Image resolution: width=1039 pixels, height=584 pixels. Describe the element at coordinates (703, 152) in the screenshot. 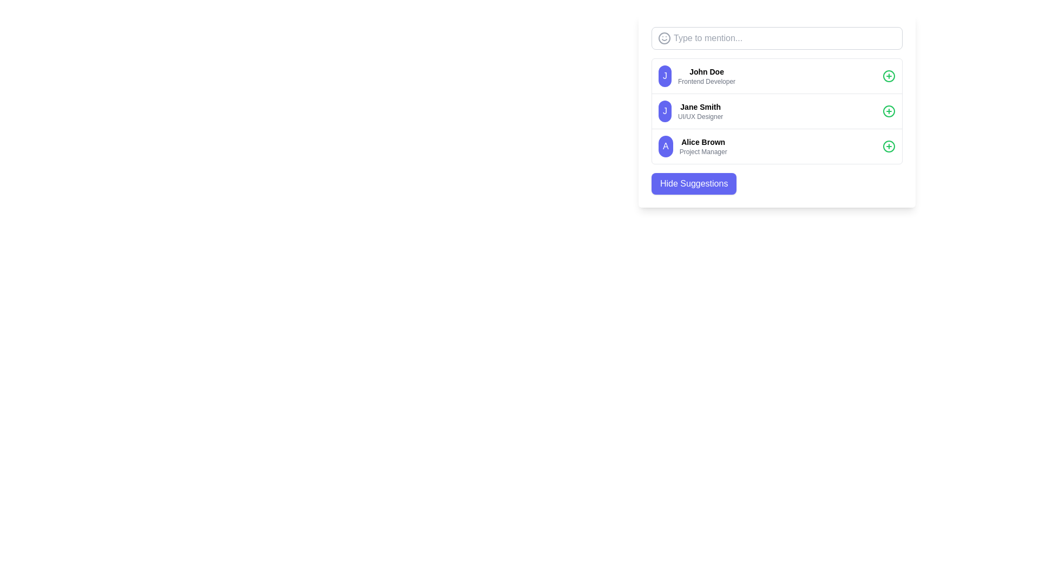

I see `the Text label providing additional context for 'Alice Brown', which is located directly below the name in the suggestion list` at that location.